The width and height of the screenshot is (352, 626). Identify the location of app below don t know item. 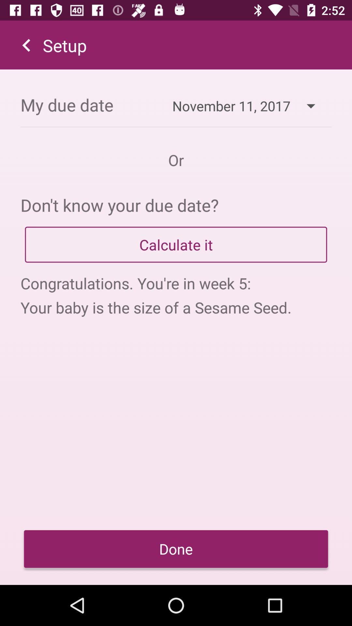
(176, 244).